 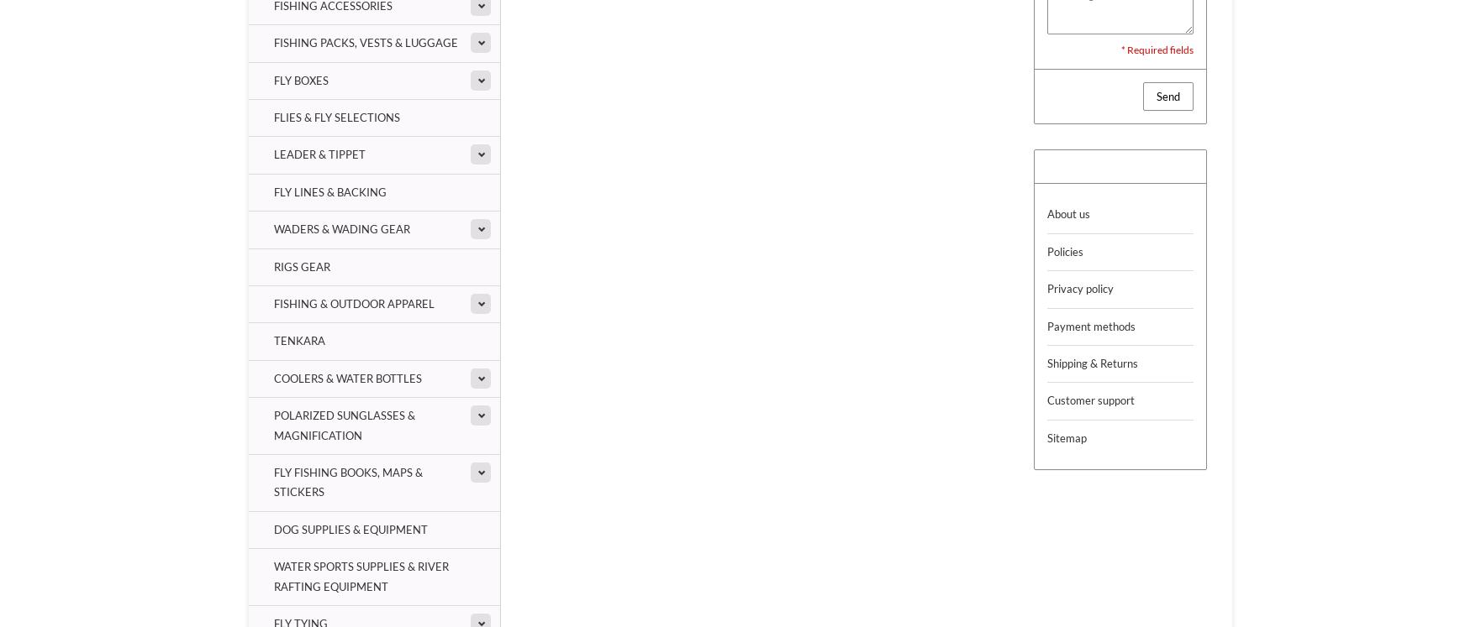 I want to click on 'Fishing Packs, Vests & Luggage', so click(x=366, y=42).